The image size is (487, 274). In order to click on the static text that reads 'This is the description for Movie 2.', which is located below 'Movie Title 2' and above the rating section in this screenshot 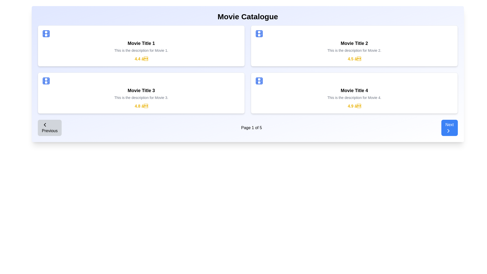, I will do `click(354, 50)`.